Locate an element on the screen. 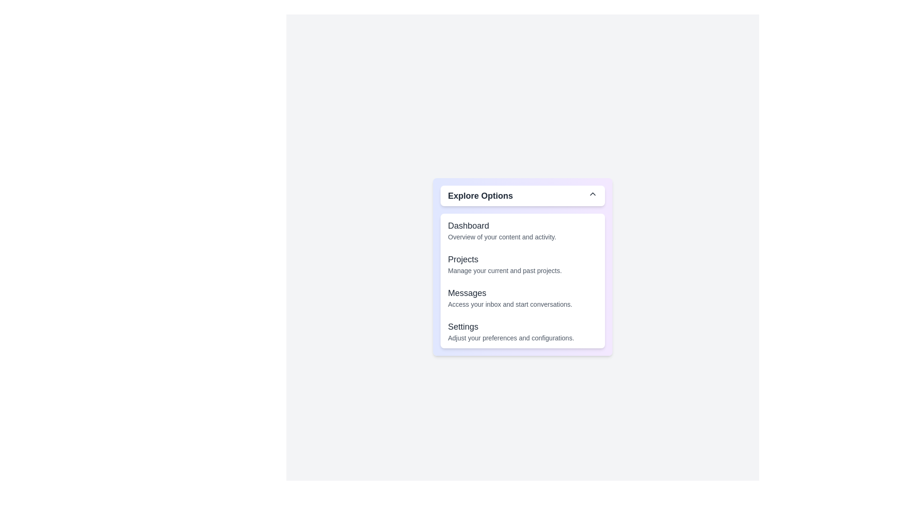  the option 'Messages' from the dropdown menu is located at coordinates (522, 297).